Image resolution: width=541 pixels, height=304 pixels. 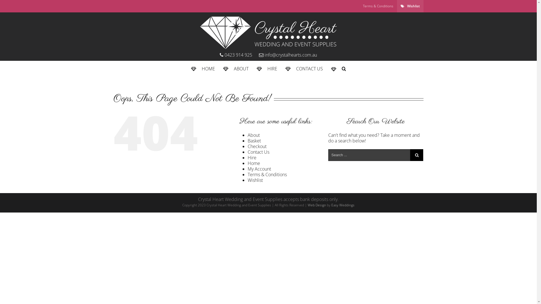 I want to click on 'CONTACT US', so click(x=303, y=68).